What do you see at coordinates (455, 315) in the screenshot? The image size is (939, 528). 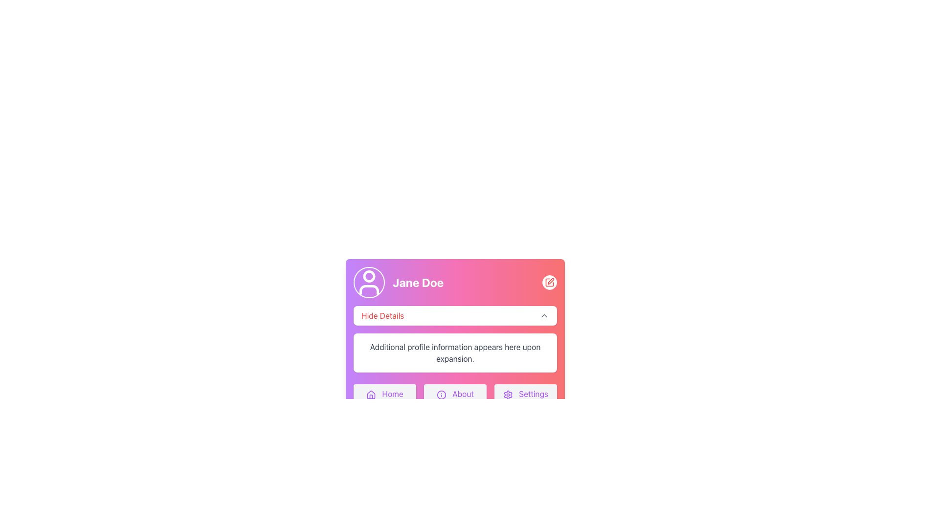 I see `the button located below the user's name 'Jane Doe'` at bounding box center [455, 315].